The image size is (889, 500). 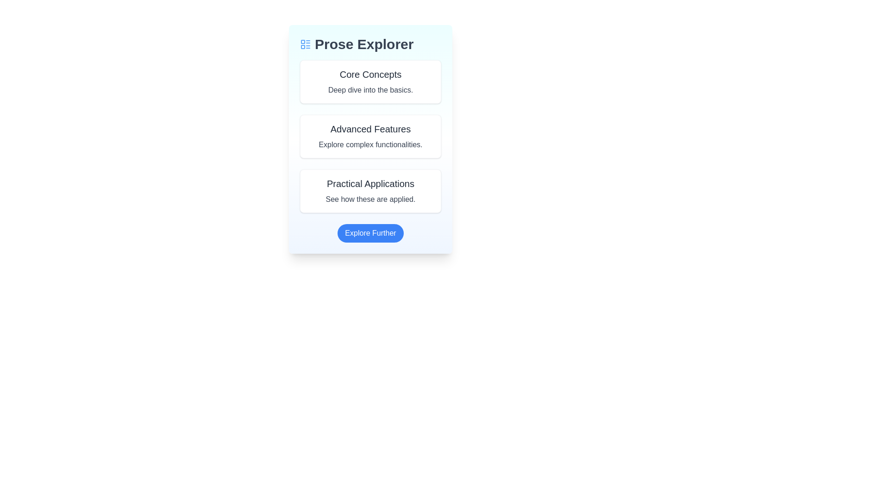 What do you see at coordinates (363, 44) in the screenshot?
I see `the 'Prose Explorer' text label, which is styled as a bold header in gray on a light-blue background` at bounding box center [363, 44].